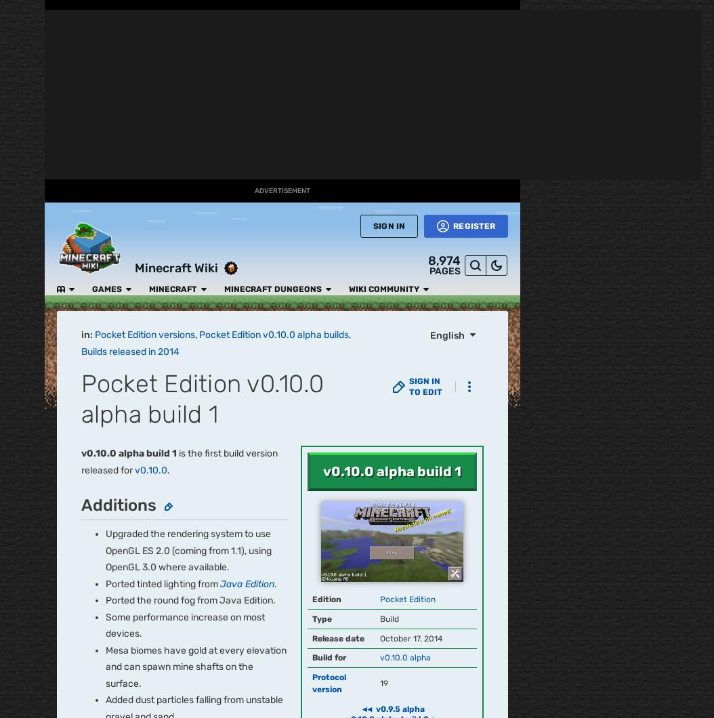 This screenshot has height=718, width=714. I want to click on 'Minecraft', so click(188, 15).